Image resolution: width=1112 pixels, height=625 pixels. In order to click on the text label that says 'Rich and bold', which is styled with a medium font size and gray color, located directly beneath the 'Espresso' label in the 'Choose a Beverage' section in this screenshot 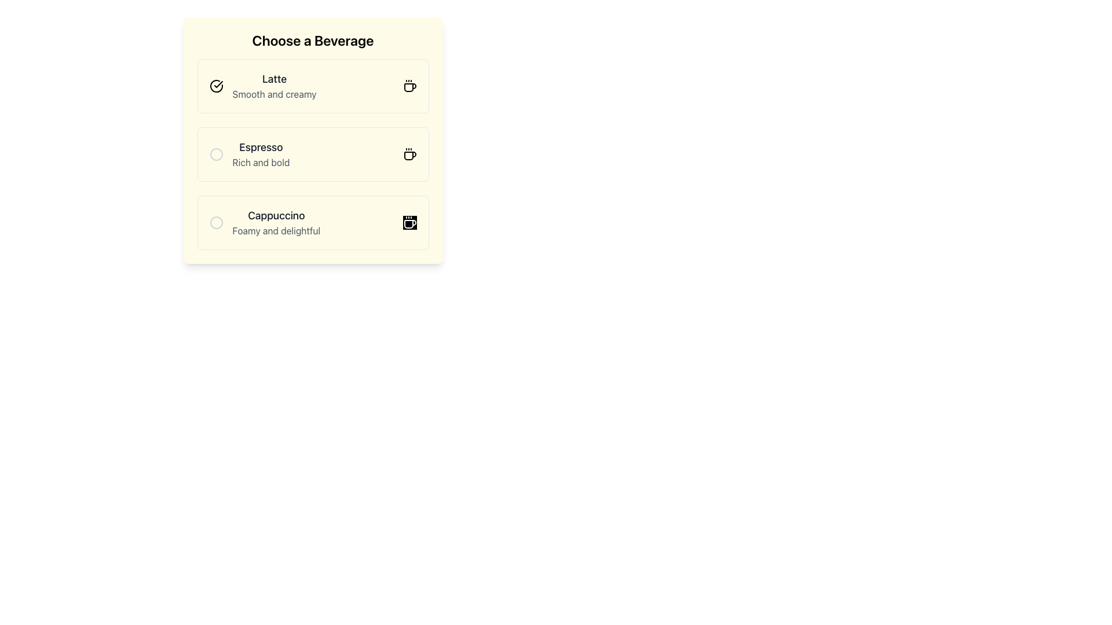, I will do `click(261, 163)`.